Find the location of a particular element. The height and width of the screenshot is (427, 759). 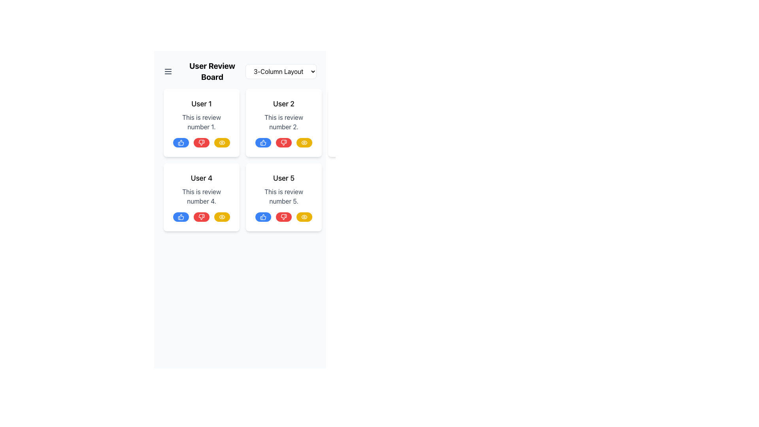

the red thumbs-down button located in the bottom-right corner of the 'User 5' review card to register a dislike is located at coordinates (284, 217).